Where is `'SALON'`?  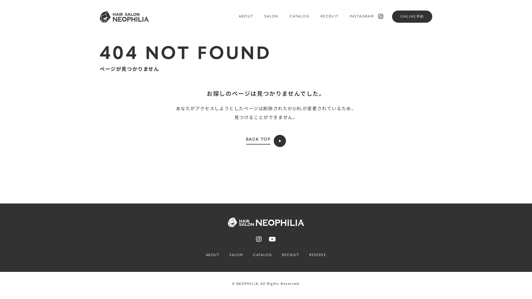
'SALON' is located at coordinates (271, 16).